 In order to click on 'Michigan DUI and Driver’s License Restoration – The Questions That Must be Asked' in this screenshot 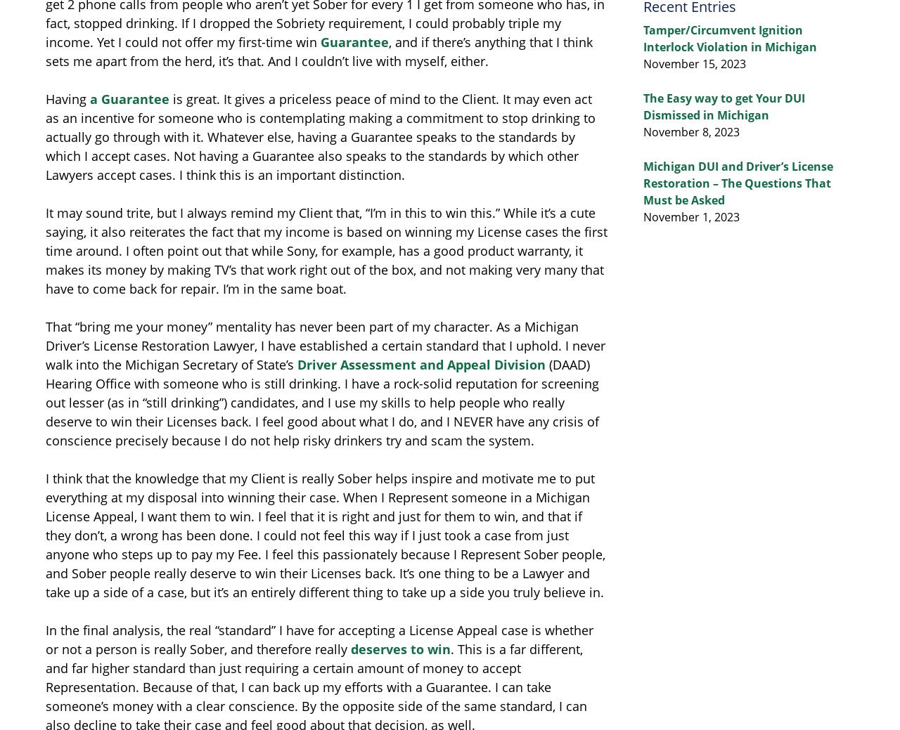, I will do `click(737, 183)`.